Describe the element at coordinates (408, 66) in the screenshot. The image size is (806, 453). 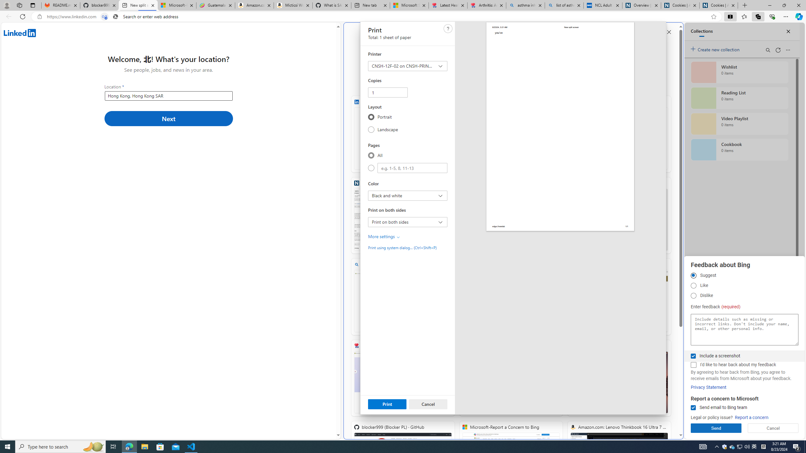
I see `'Printer CNSH-12F-02 on CNSH-PRINT-01'` at that location.